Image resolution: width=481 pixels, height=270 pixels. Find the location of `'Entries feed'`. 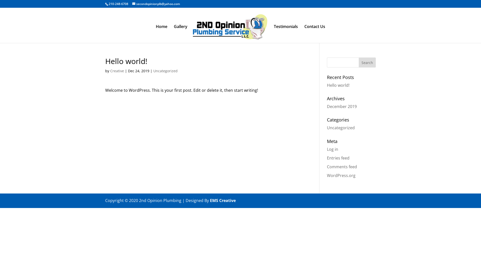

'Entries feed' is located at coordinates (338, 158).